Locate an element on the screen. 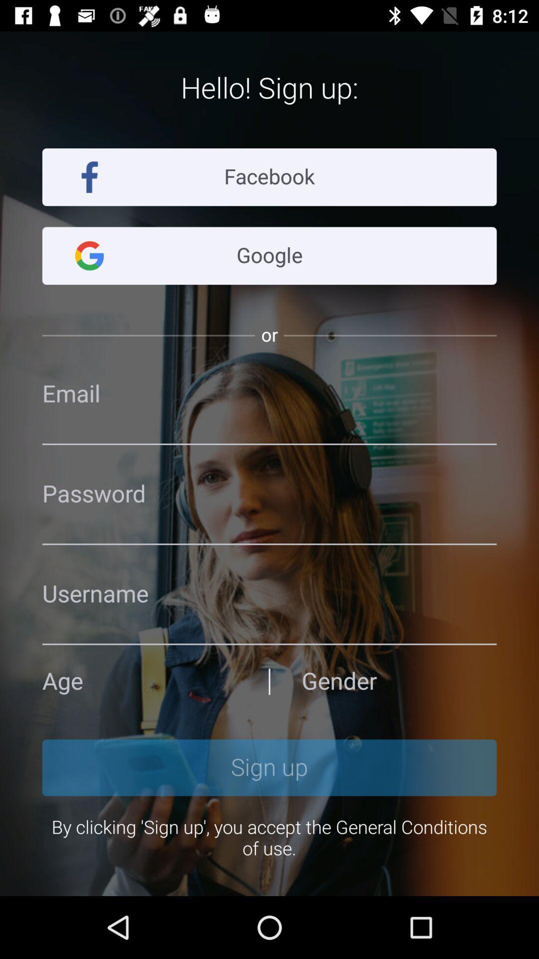 This screenshot has height=959, width=539. screen page is located at coordinates (269, 494).